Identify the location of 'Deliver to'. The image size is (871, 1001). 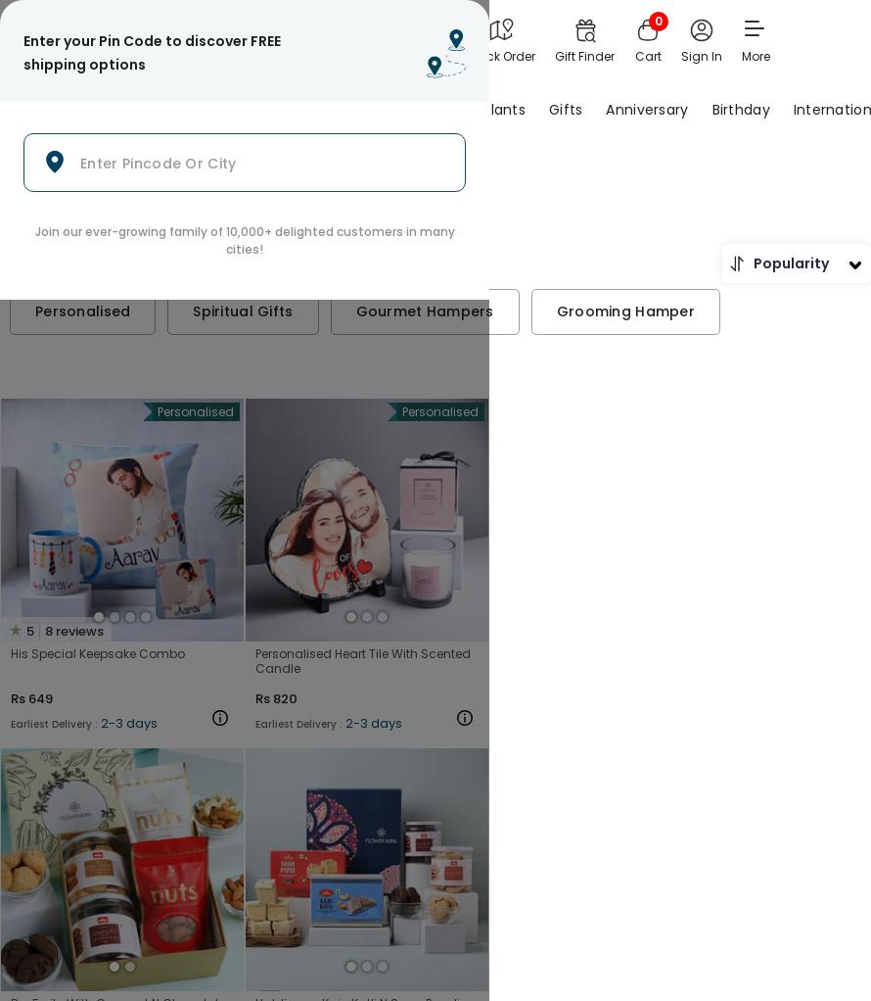
(282, 39).